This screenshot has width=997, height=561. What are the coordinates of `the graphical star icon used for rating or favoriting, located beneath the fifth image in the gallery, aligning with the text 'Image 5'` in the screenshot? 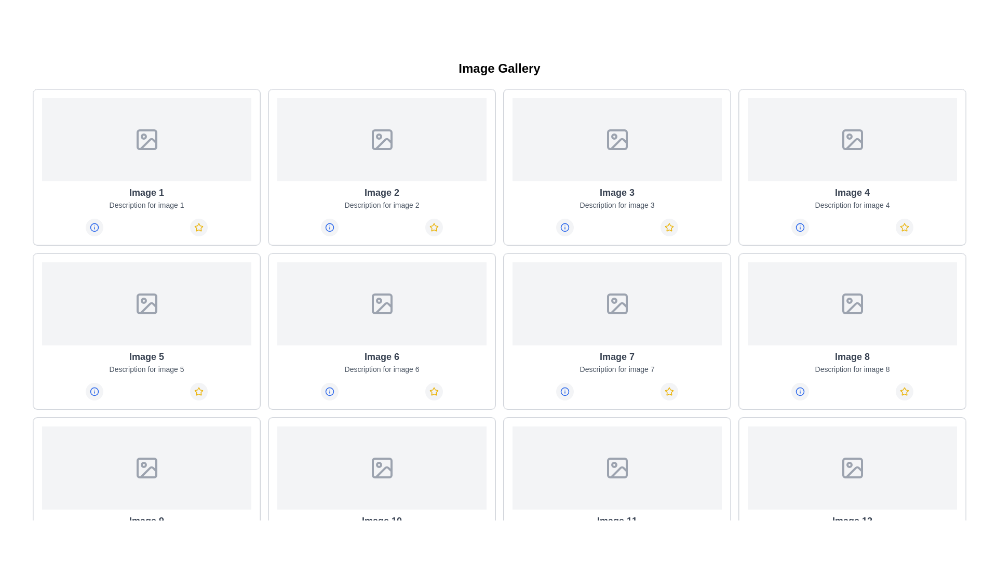 It's located at (199, 391).